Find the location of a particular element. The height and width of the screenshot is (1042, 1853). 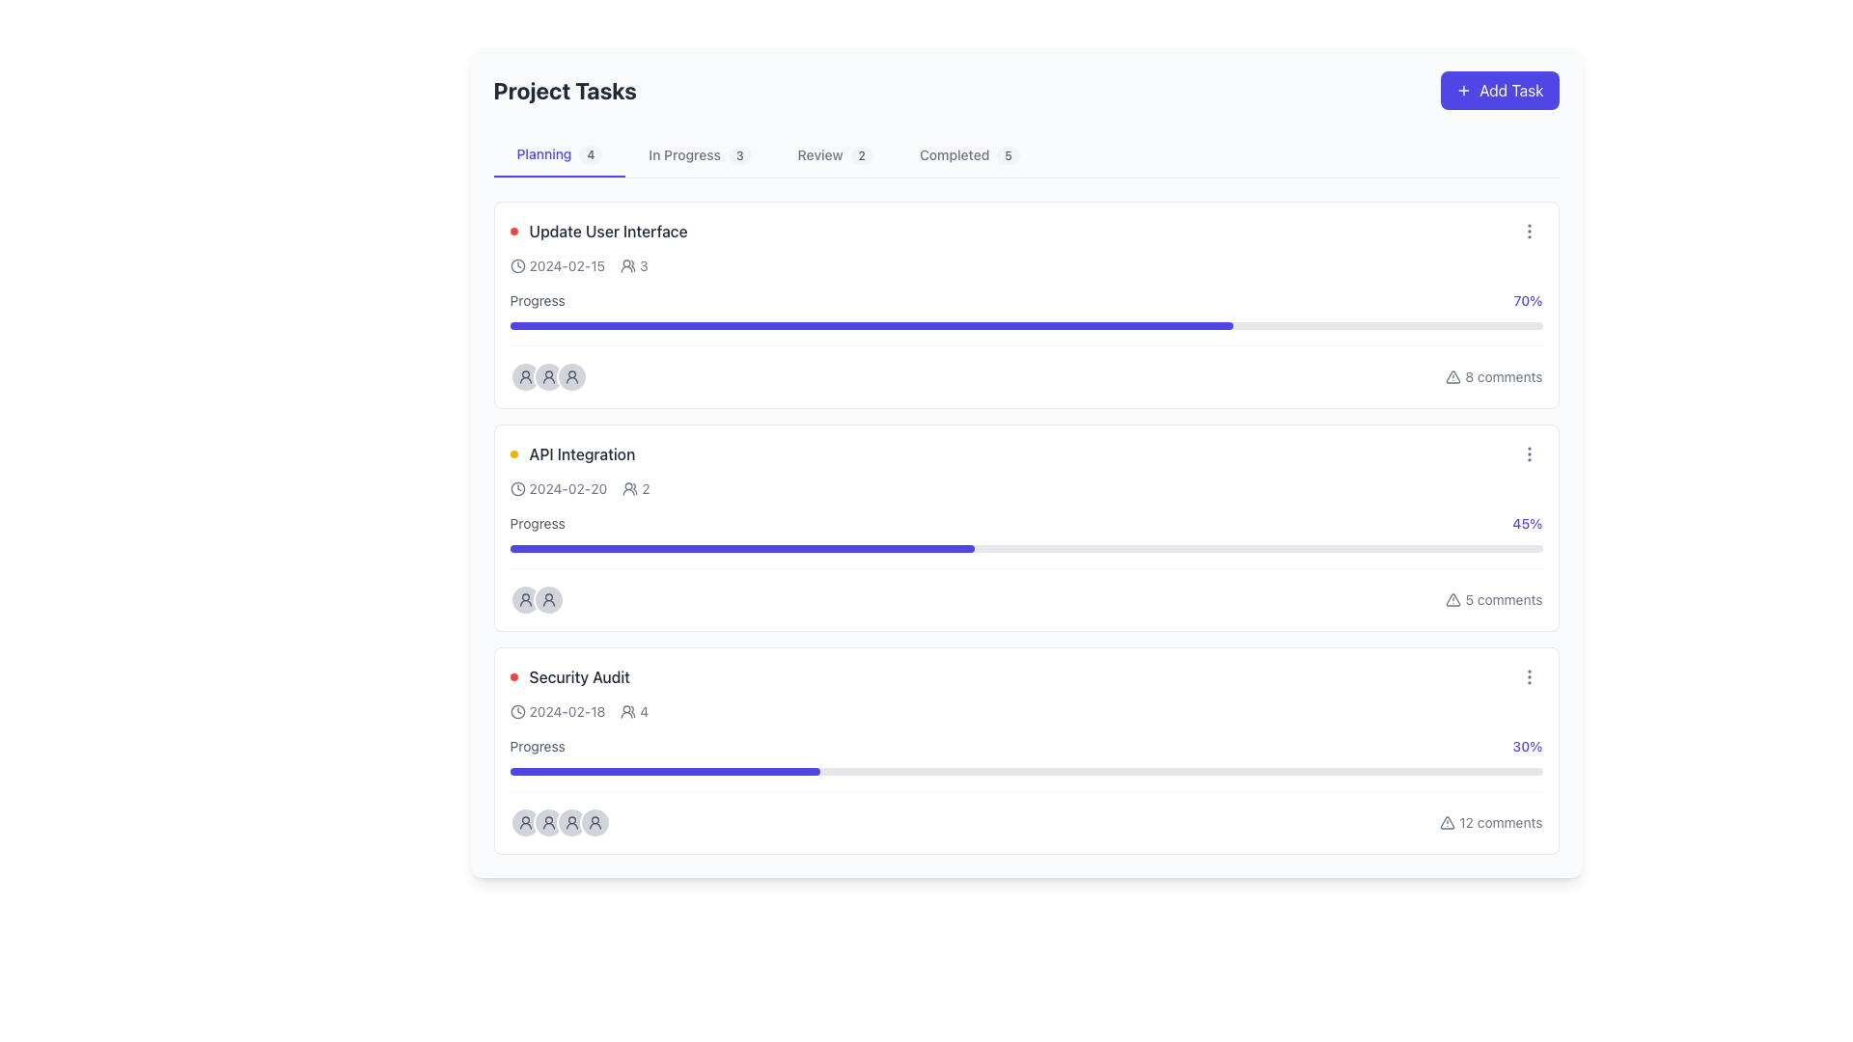

the User avatar icon is located at coordinates (547, 376).